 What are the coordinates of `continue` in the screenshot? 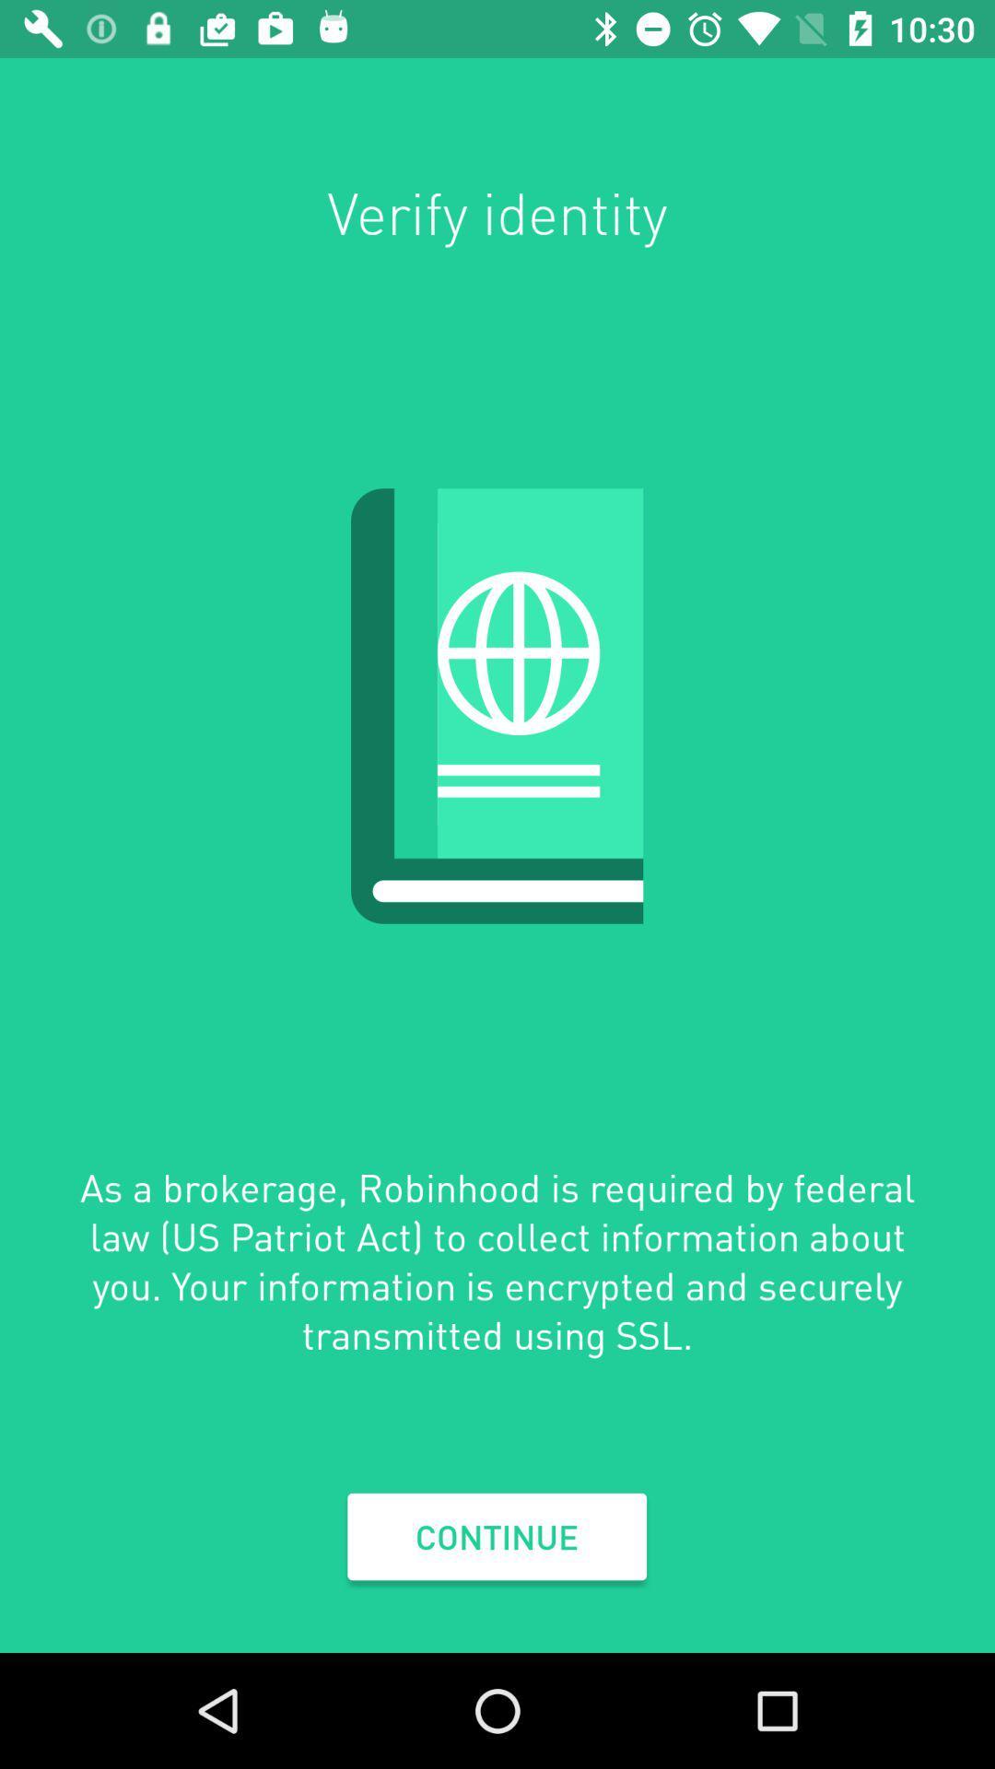 It's located at (496, 1537).